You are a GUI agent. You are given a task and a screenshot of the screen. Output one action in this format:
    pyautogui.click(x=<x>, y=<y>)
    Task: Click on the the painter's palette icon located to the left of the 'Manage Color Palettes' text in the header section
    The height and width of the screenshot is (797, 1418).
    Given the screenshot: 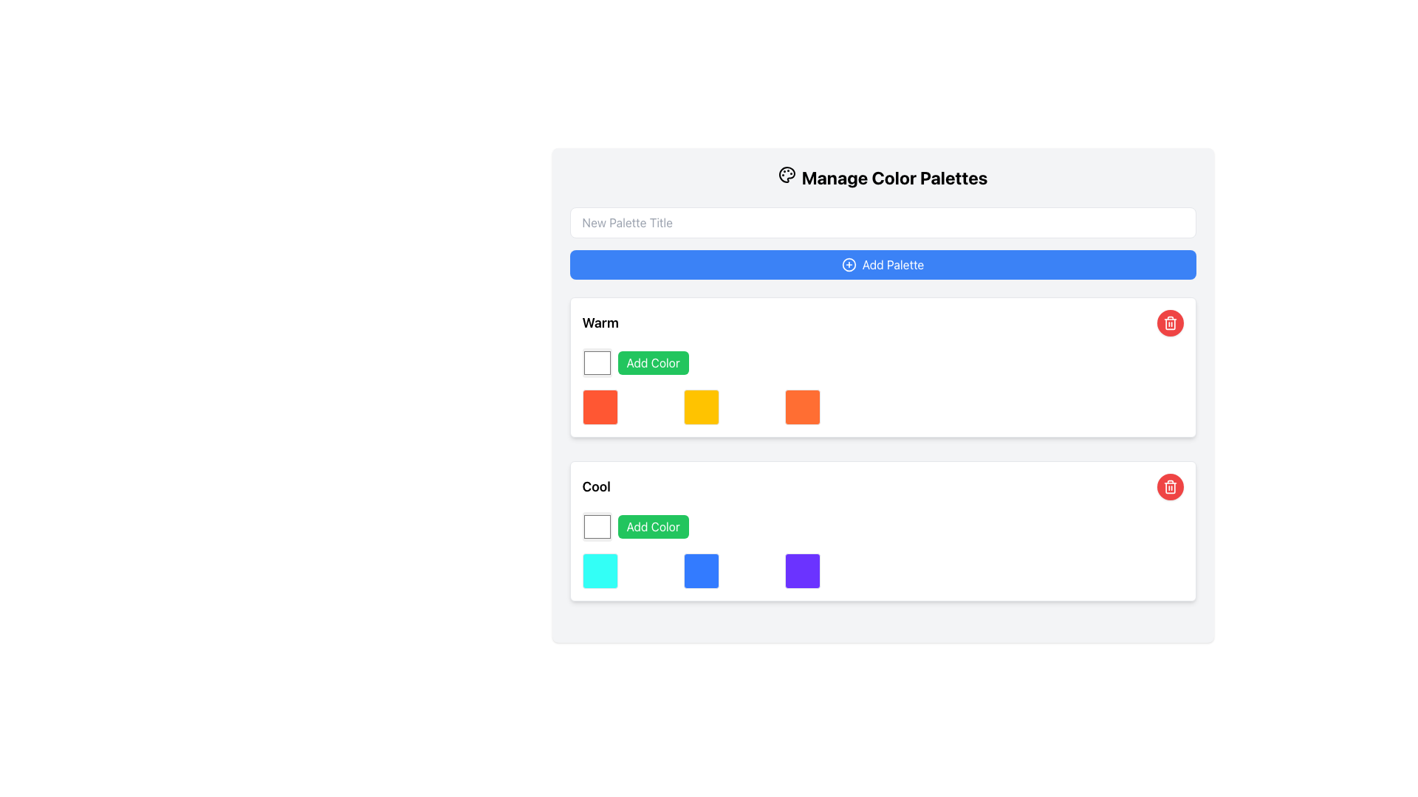 What is the action you would take?
    pyautogui.click(x=786, y=173)
    